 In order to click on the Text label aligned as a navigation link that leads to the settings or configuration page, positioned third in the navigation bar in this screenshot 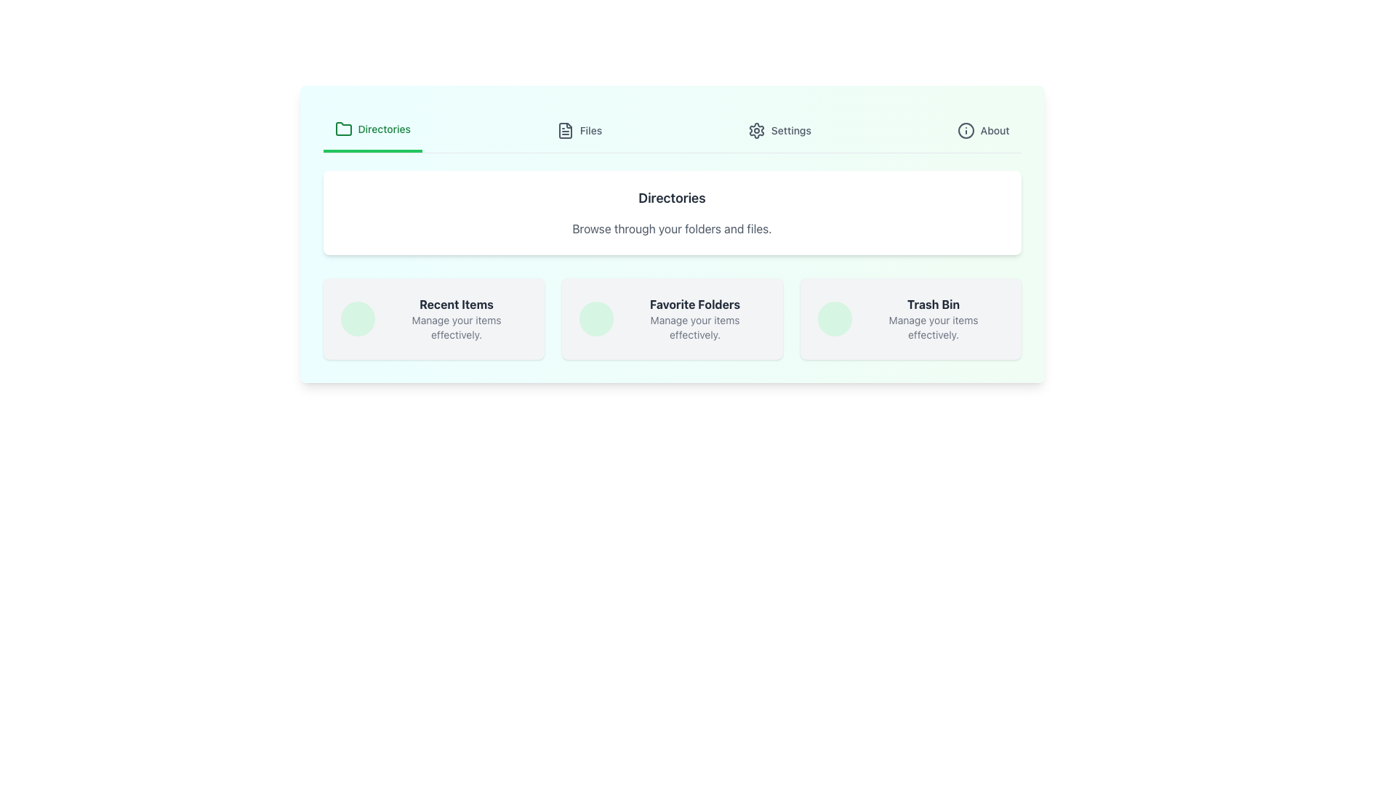, I will do `click(790, 131)`.